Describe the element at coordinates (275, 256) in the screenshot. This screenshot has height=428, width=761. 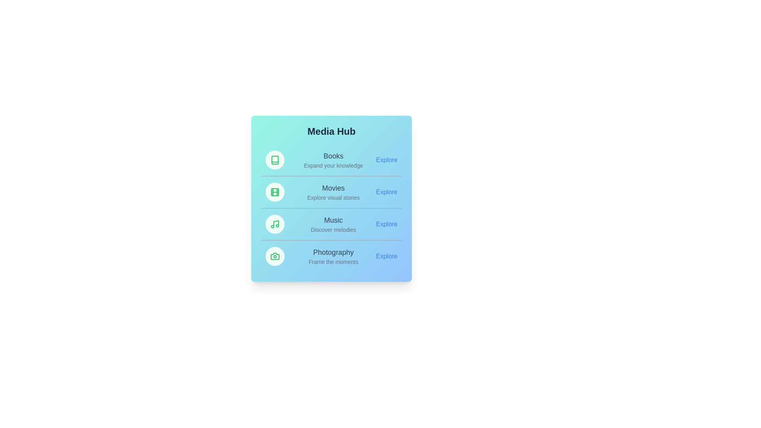
I see `the icon of the Photography category` at that location.